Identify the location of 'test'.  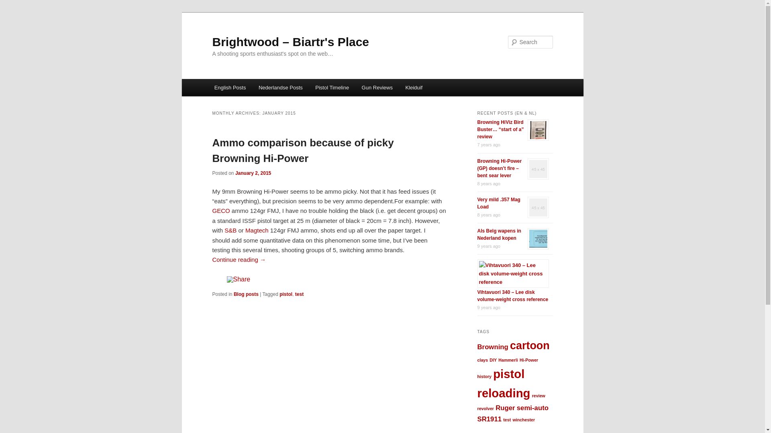
(299, 294).